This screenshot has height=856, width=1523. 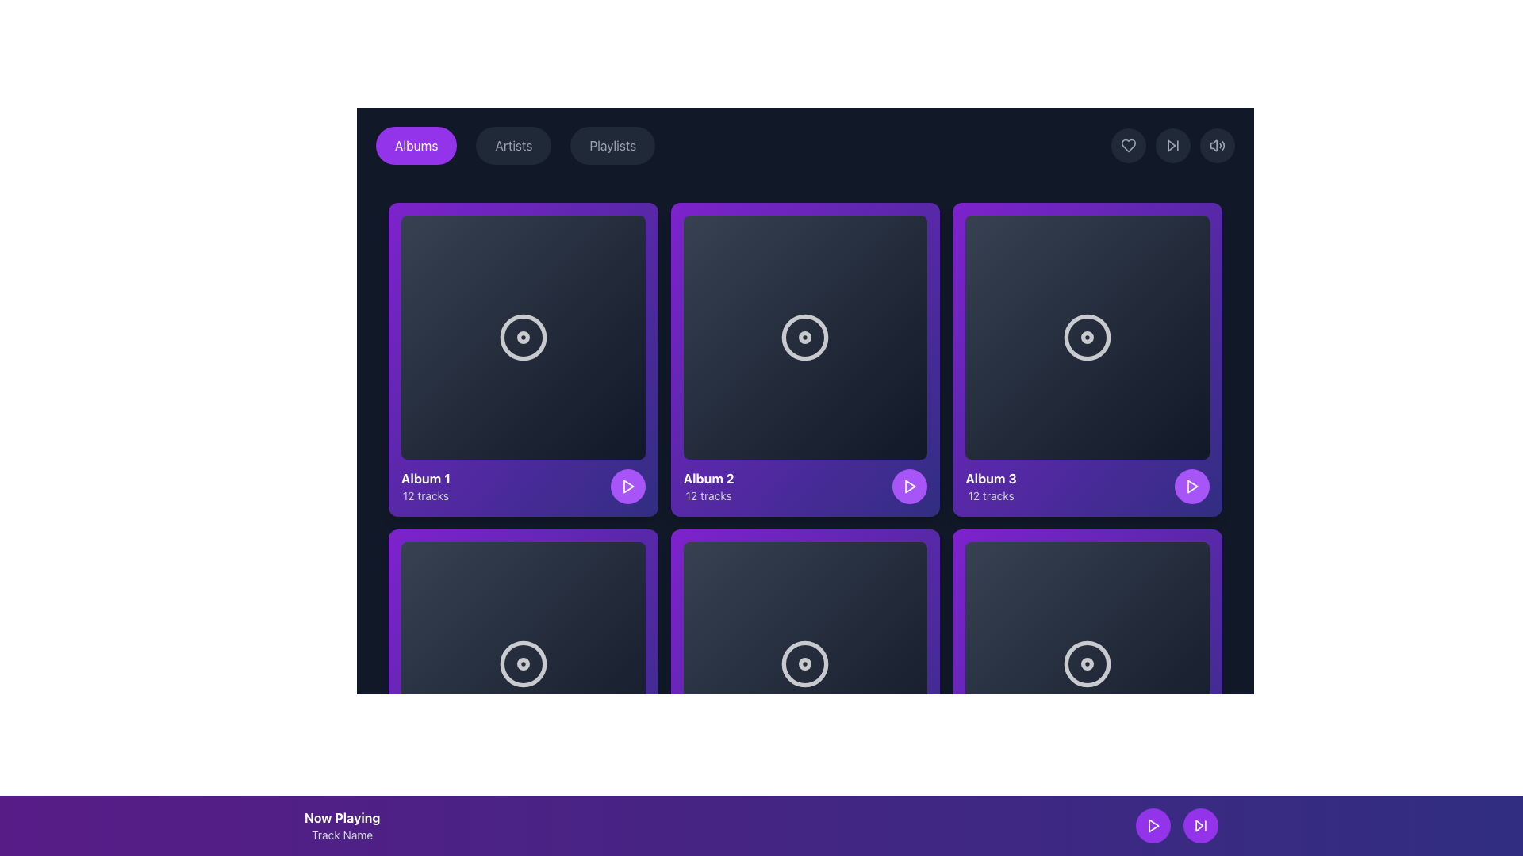 I want to click on the play button located in the bottom-right section of the 'Album 3' card, so click(x=1191, y=485).